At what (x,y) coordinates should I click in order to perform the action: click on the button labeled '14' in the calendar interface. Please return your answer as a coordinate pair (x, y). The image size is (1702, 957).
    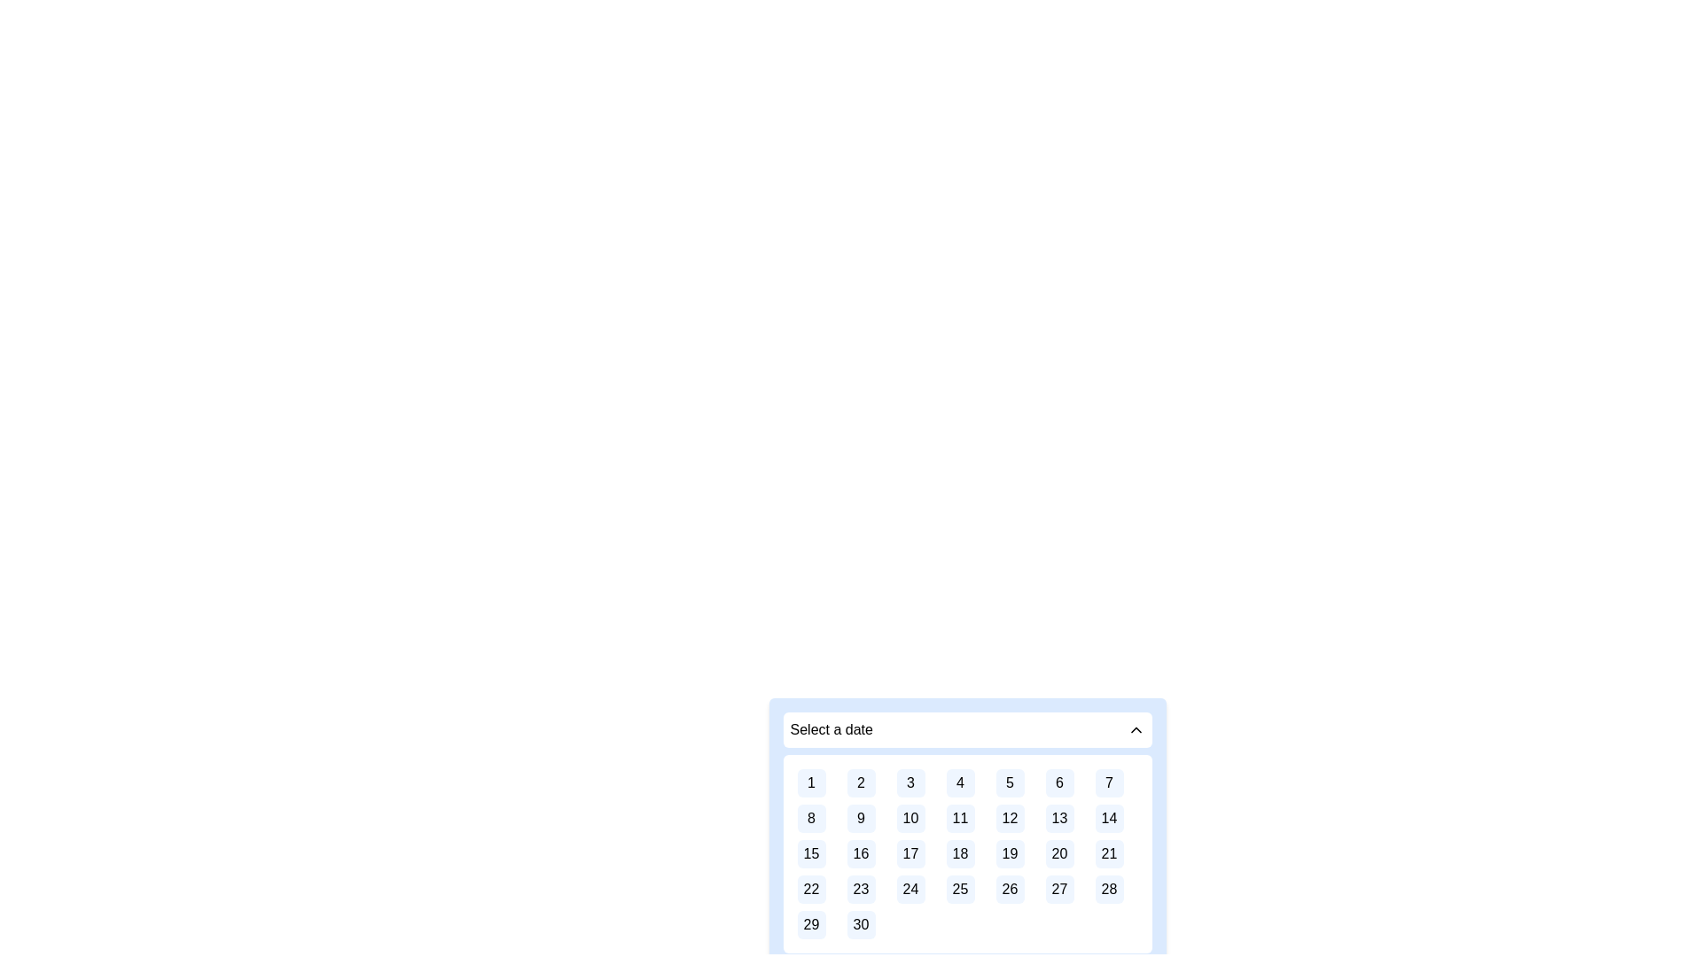
    Looking at the image, I should click on (1108, 819).